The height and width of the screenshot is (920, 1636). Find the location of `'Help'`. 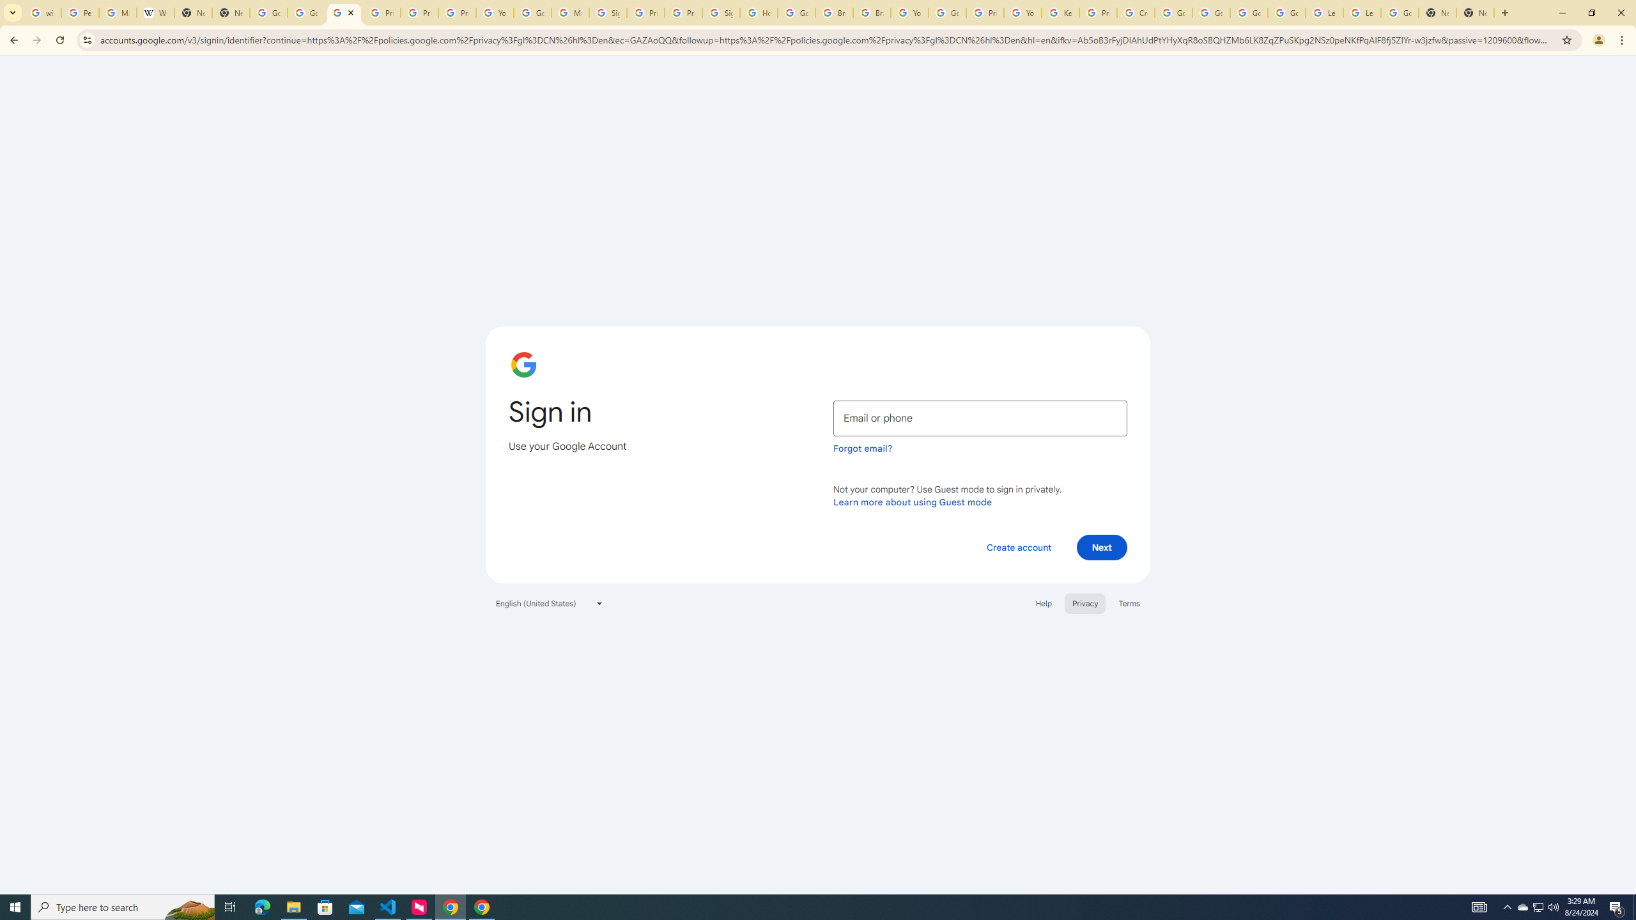

'Help' is located at coordinates (1043, 602).